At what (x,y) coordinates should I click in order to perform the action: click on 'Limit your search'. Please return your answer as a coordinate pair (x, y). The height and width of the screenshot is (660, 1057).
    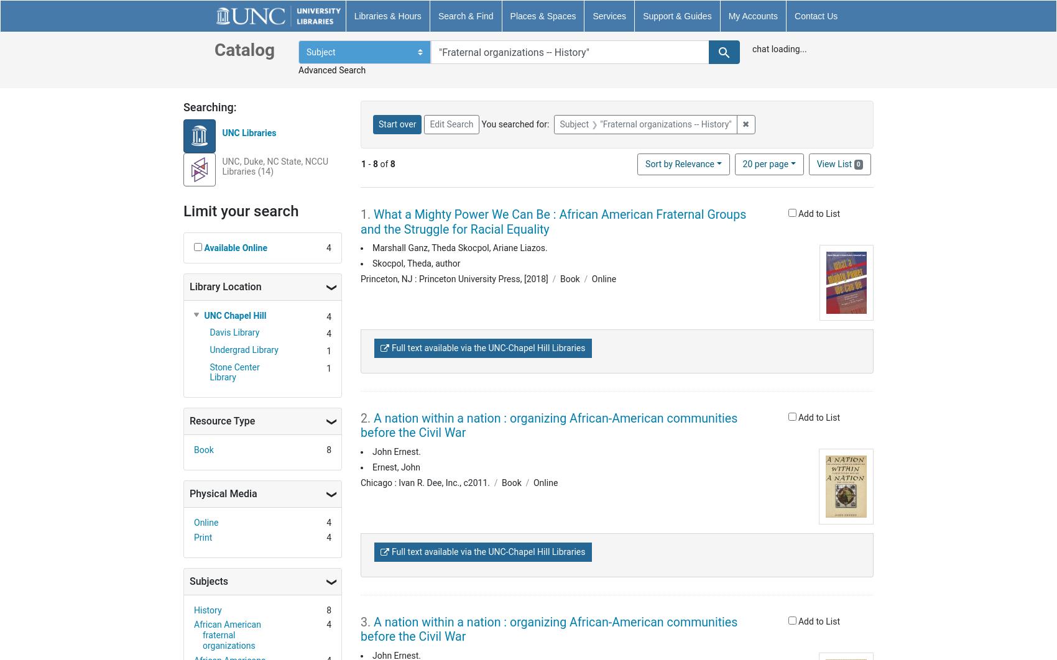
    Looking at the image, I should click on (240, 209).